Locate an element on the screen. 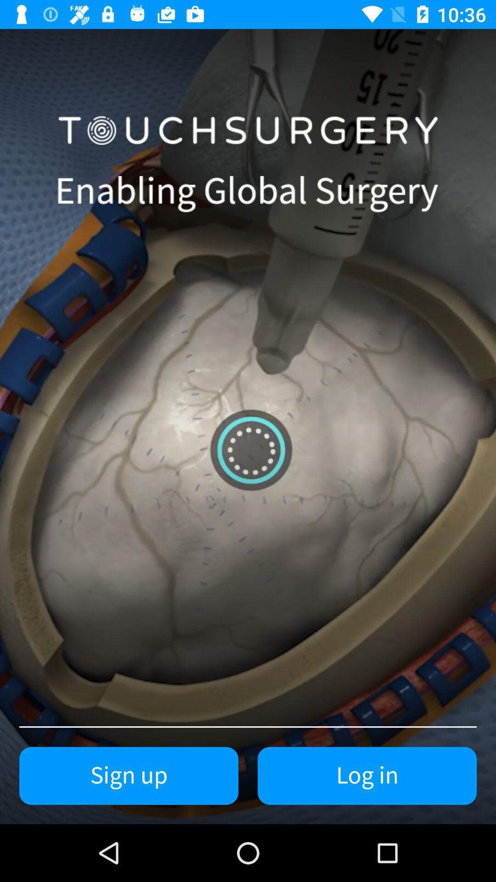 This screenshot has width=496, height=882. the item next to sign up icon is located at coordinates (366, 775).